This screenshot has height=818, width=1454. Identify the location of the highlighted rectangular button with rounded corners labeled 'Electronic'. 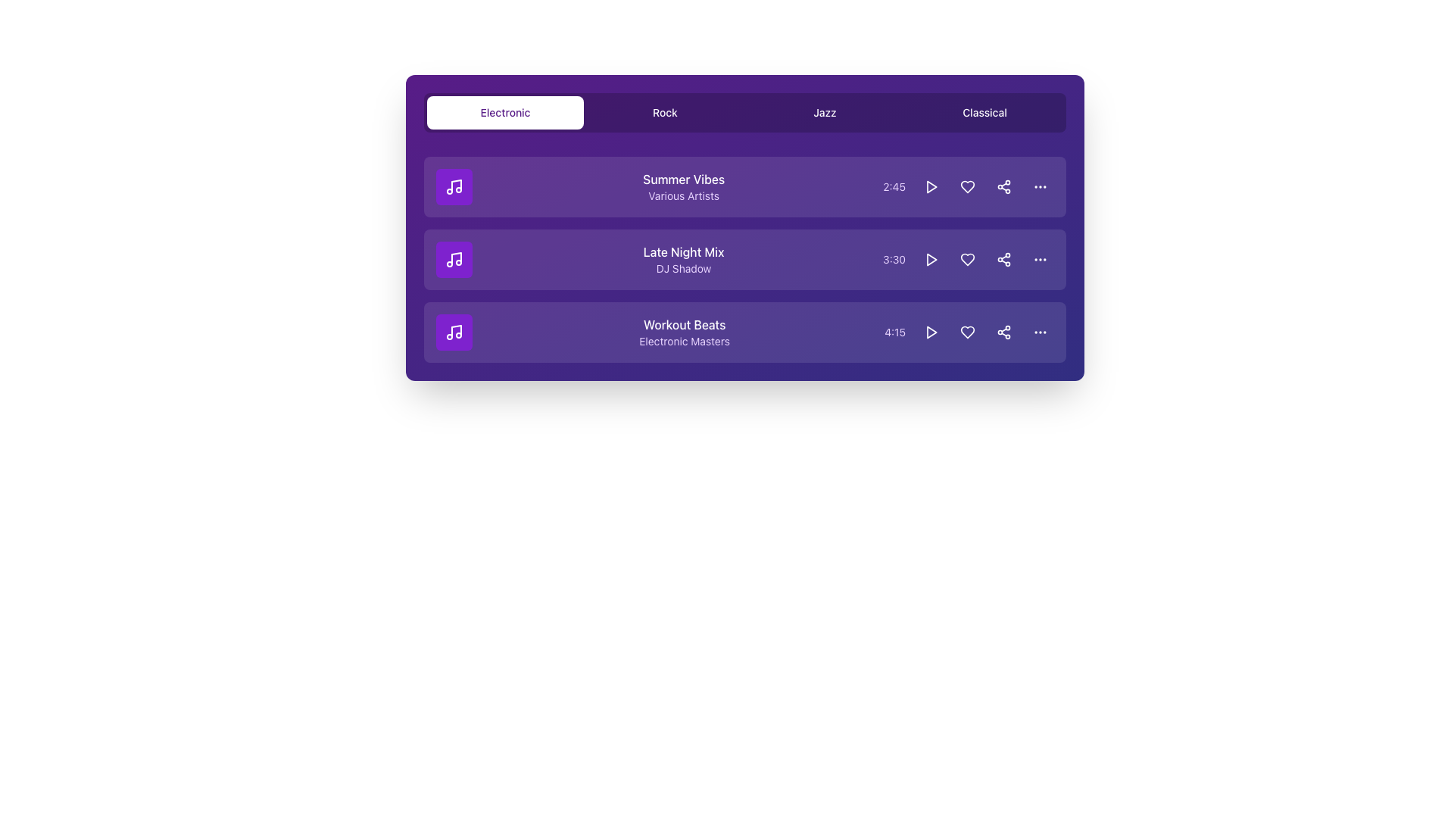
(505, 112).